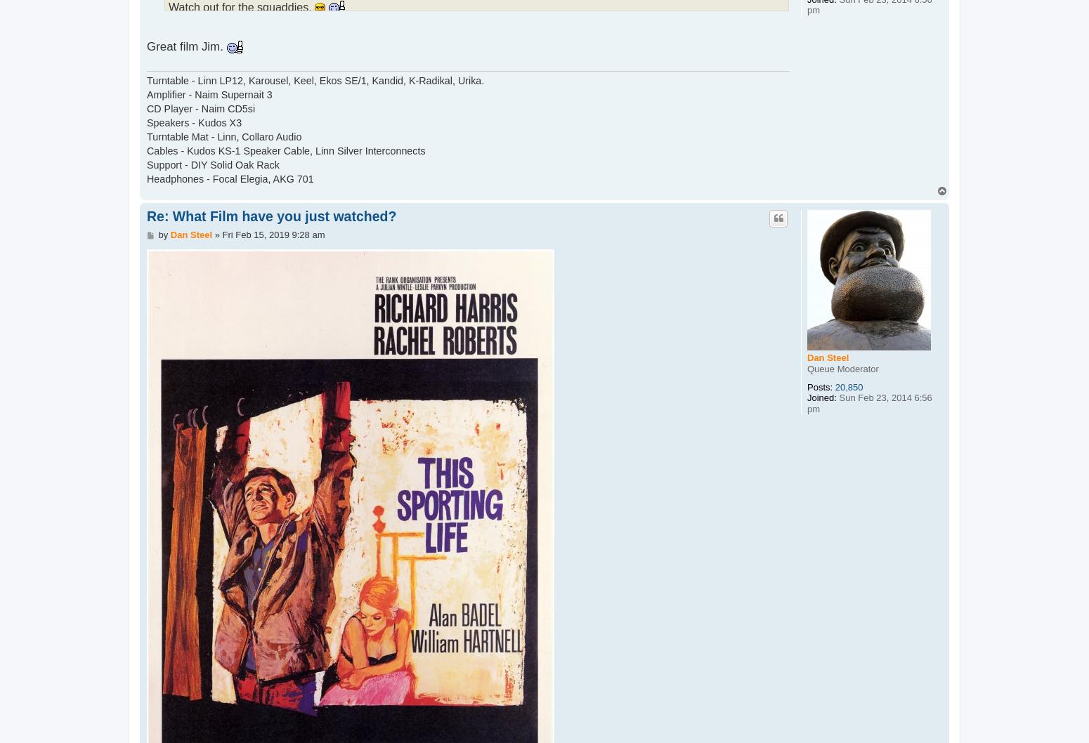 The image size is (1089, 743). Describe the element at coordinates (209, 94) in the screenshot. I see `'Amplifier - Naim Supernait 3'` at that location.